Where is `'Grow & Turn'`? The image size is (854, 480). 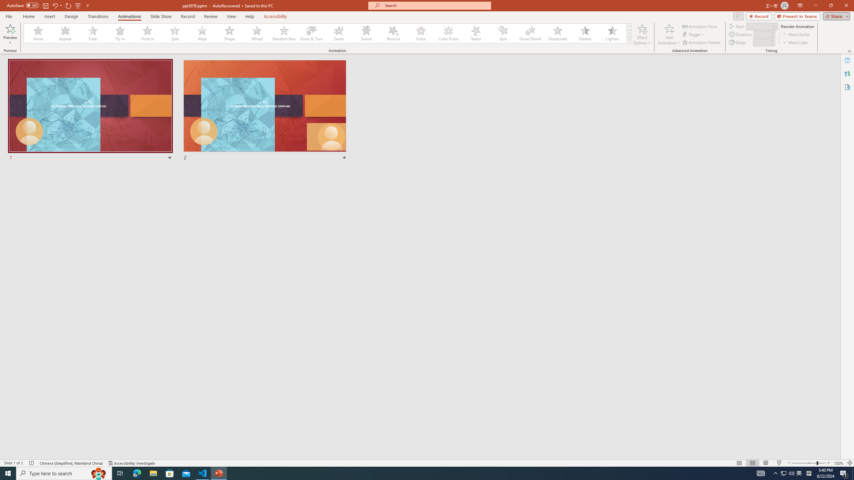 'Grow & Turn' is located at coordinates (311, 33).